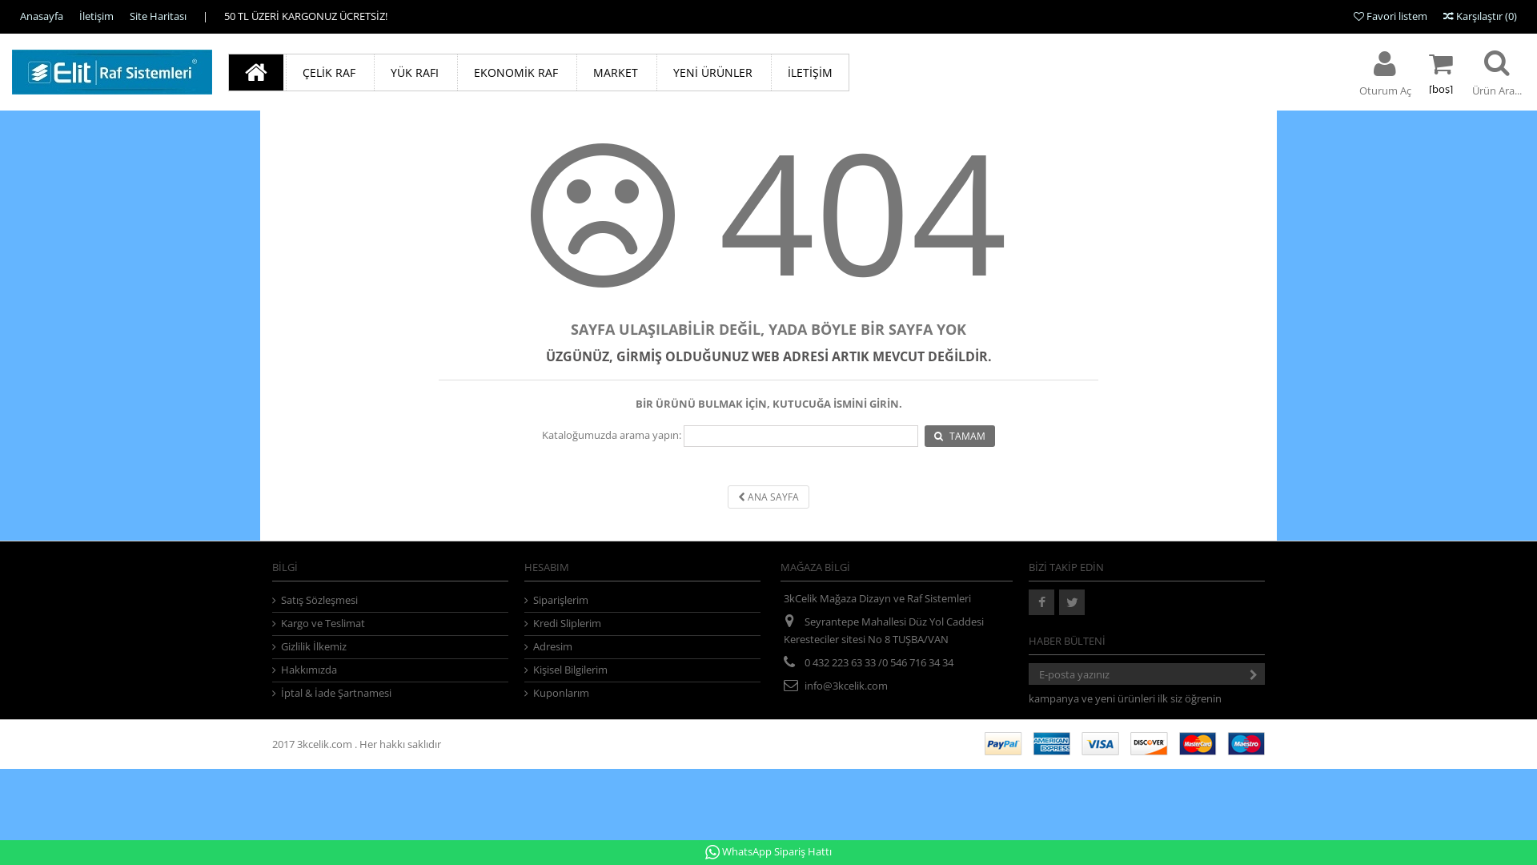  What do you see at coordinates (845, 685) in the screenshot?
I see `'info@3kcelik.com'` at bounding box center [845, 685].